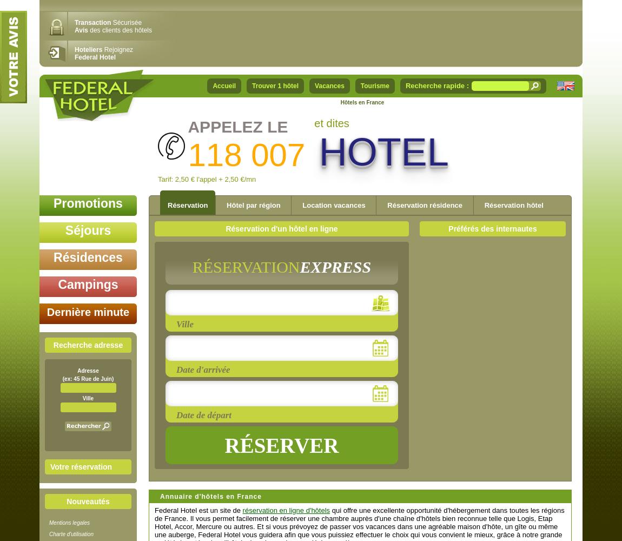 The width and height of the screenshot is (622, 541). Describe the element at coordinates (299, 266) in the screenshot. I see `'express'` at that location.